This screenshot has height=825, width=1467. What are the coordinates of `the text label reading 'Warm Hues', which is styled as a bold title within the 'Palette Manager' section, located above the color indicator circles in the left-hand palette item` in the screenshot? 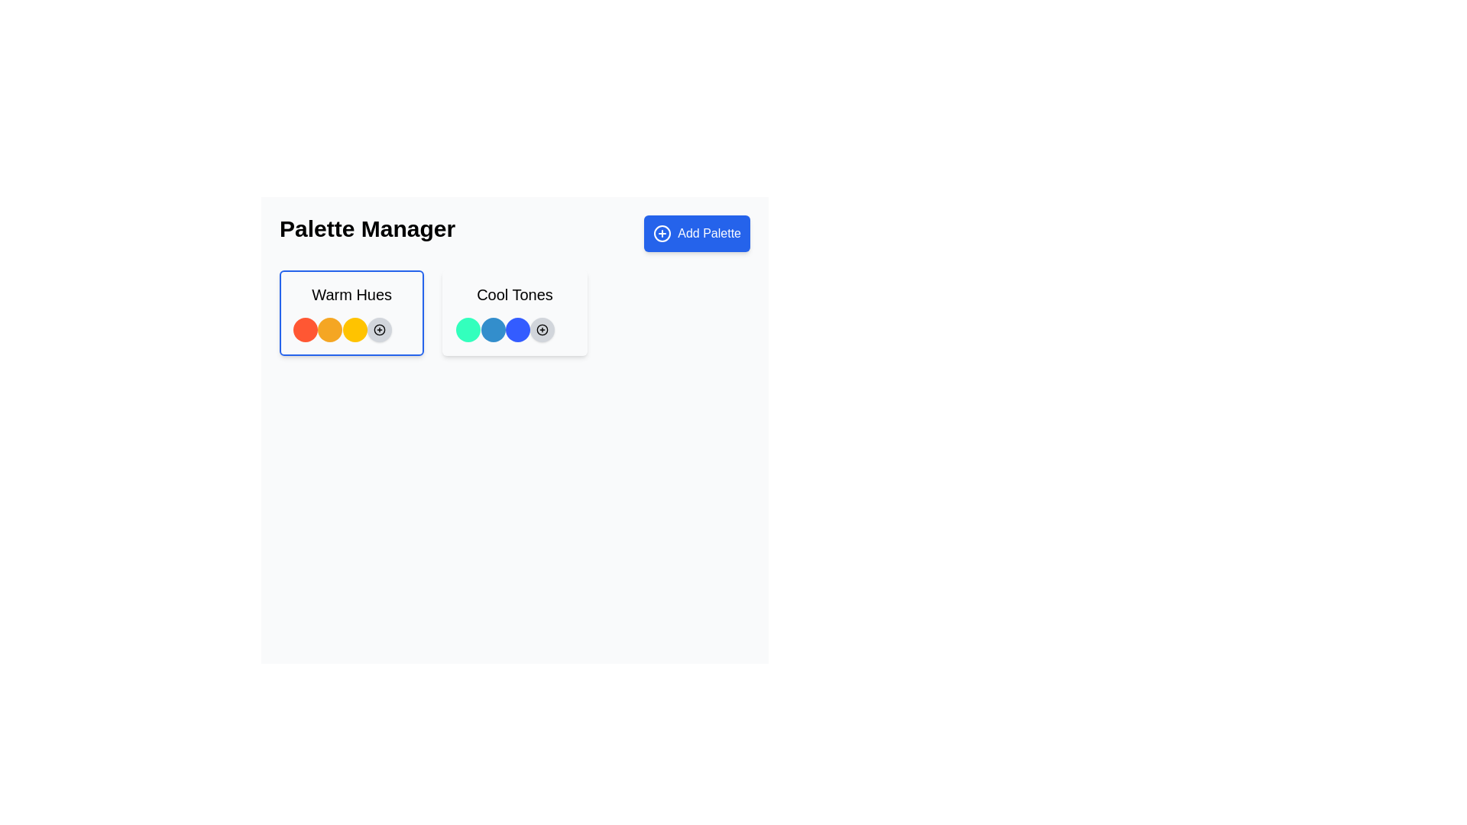 It's located at (351, 294).